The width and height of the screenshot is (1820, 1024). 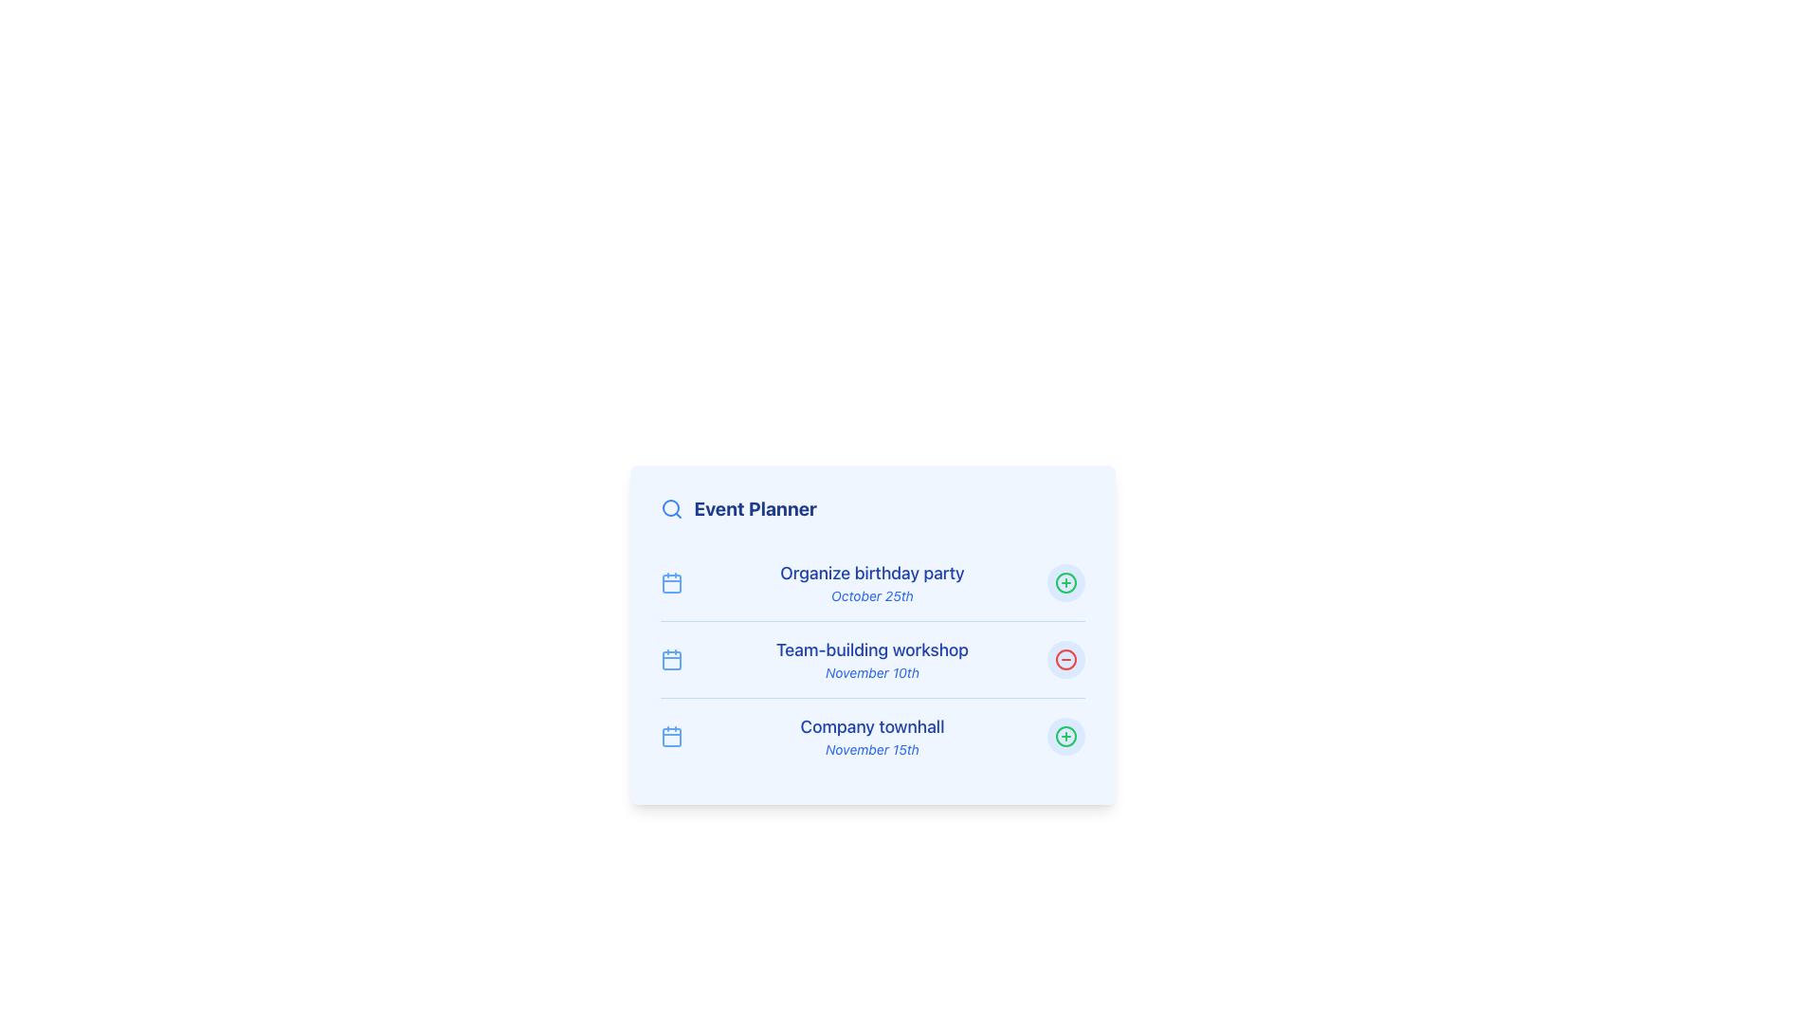 What do you see at coordinates (871, 671) in the screenshot?
I see `the italicized text label displaying the date 'November 10th' in blue, which is located under the larger text 'Team-building workshop.'` at bounding box center [871, 671].